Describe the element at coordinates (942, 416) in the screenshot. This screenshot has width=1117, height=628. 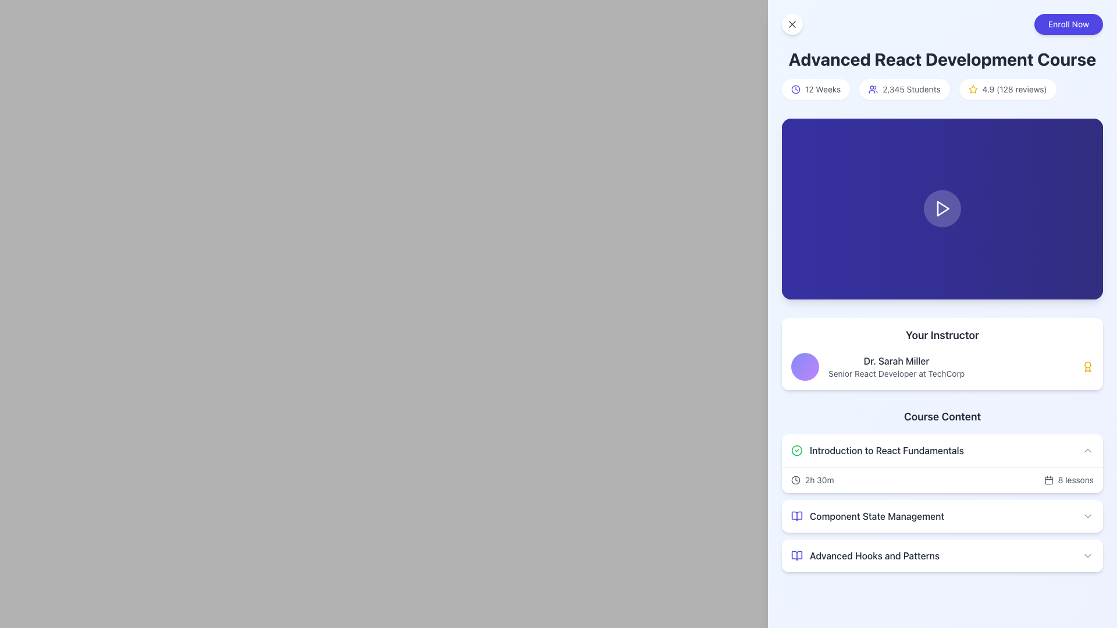
I see `the Text label that serves as a heading for the course modules, positioned below the 'Your Instructor' section and above the list of course modules` at that location.